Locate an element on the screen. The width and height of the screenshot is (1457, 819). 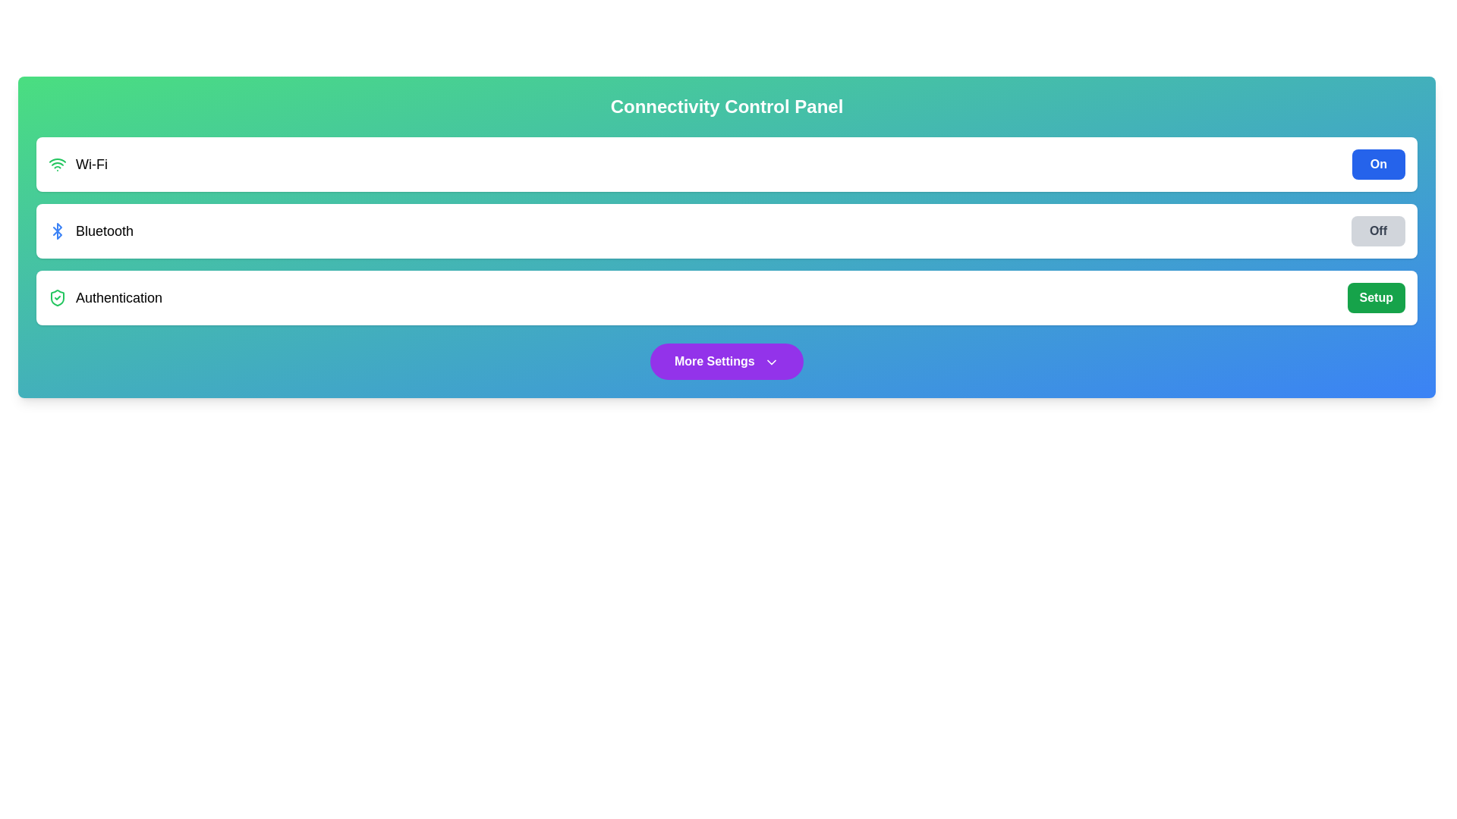
the 'Wi-Fi' label, which is styled with a large font size and positioned next to a green Wi-Fi icon in the Connectivity Control Panel is located at coordinates (90, 164).